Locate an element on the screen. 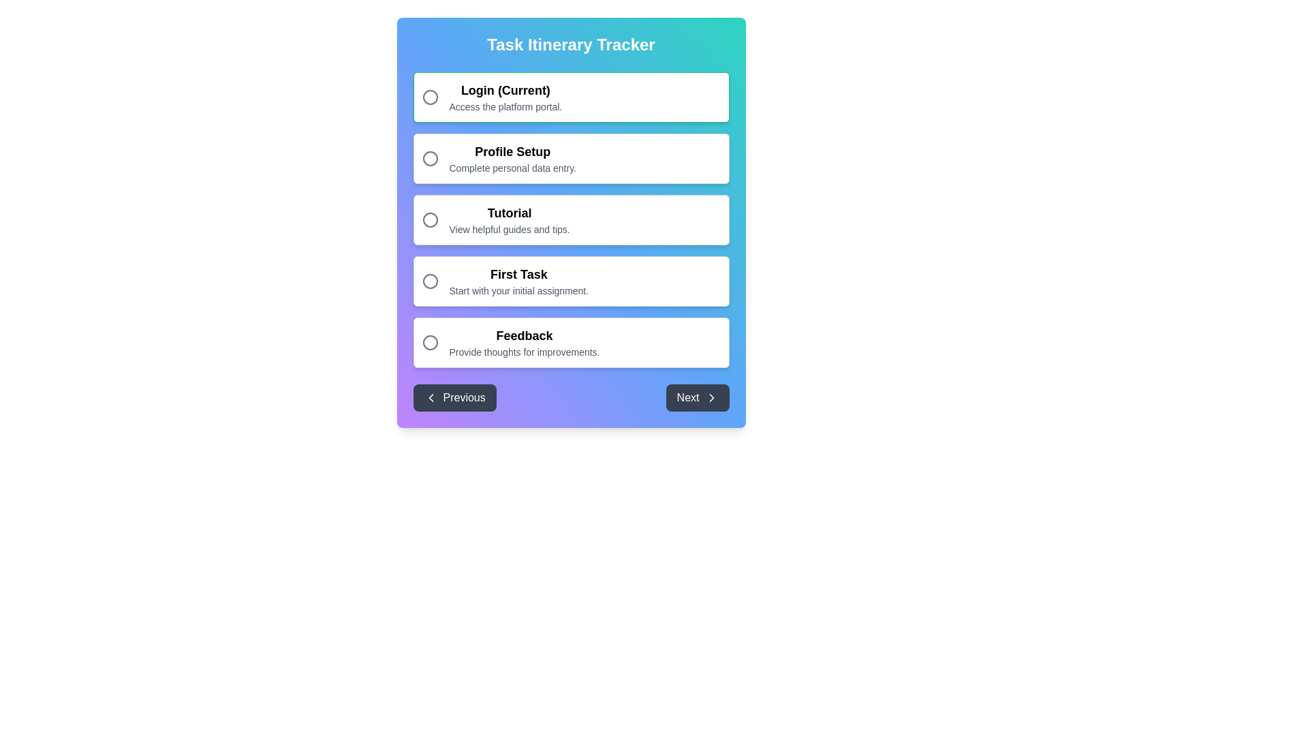  the 'Previous' button located at the bottom left corner of the navigation component is located at coordinates (454, 397).